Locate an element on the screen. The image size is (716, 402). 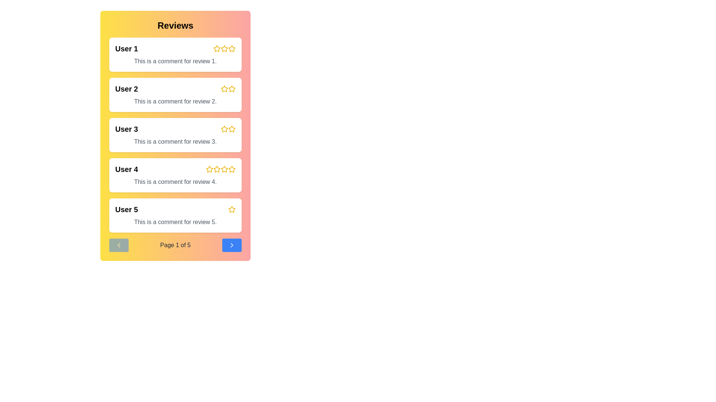
the second yellow star rating icon for 'User 2' is located at coordinates (232, 88).